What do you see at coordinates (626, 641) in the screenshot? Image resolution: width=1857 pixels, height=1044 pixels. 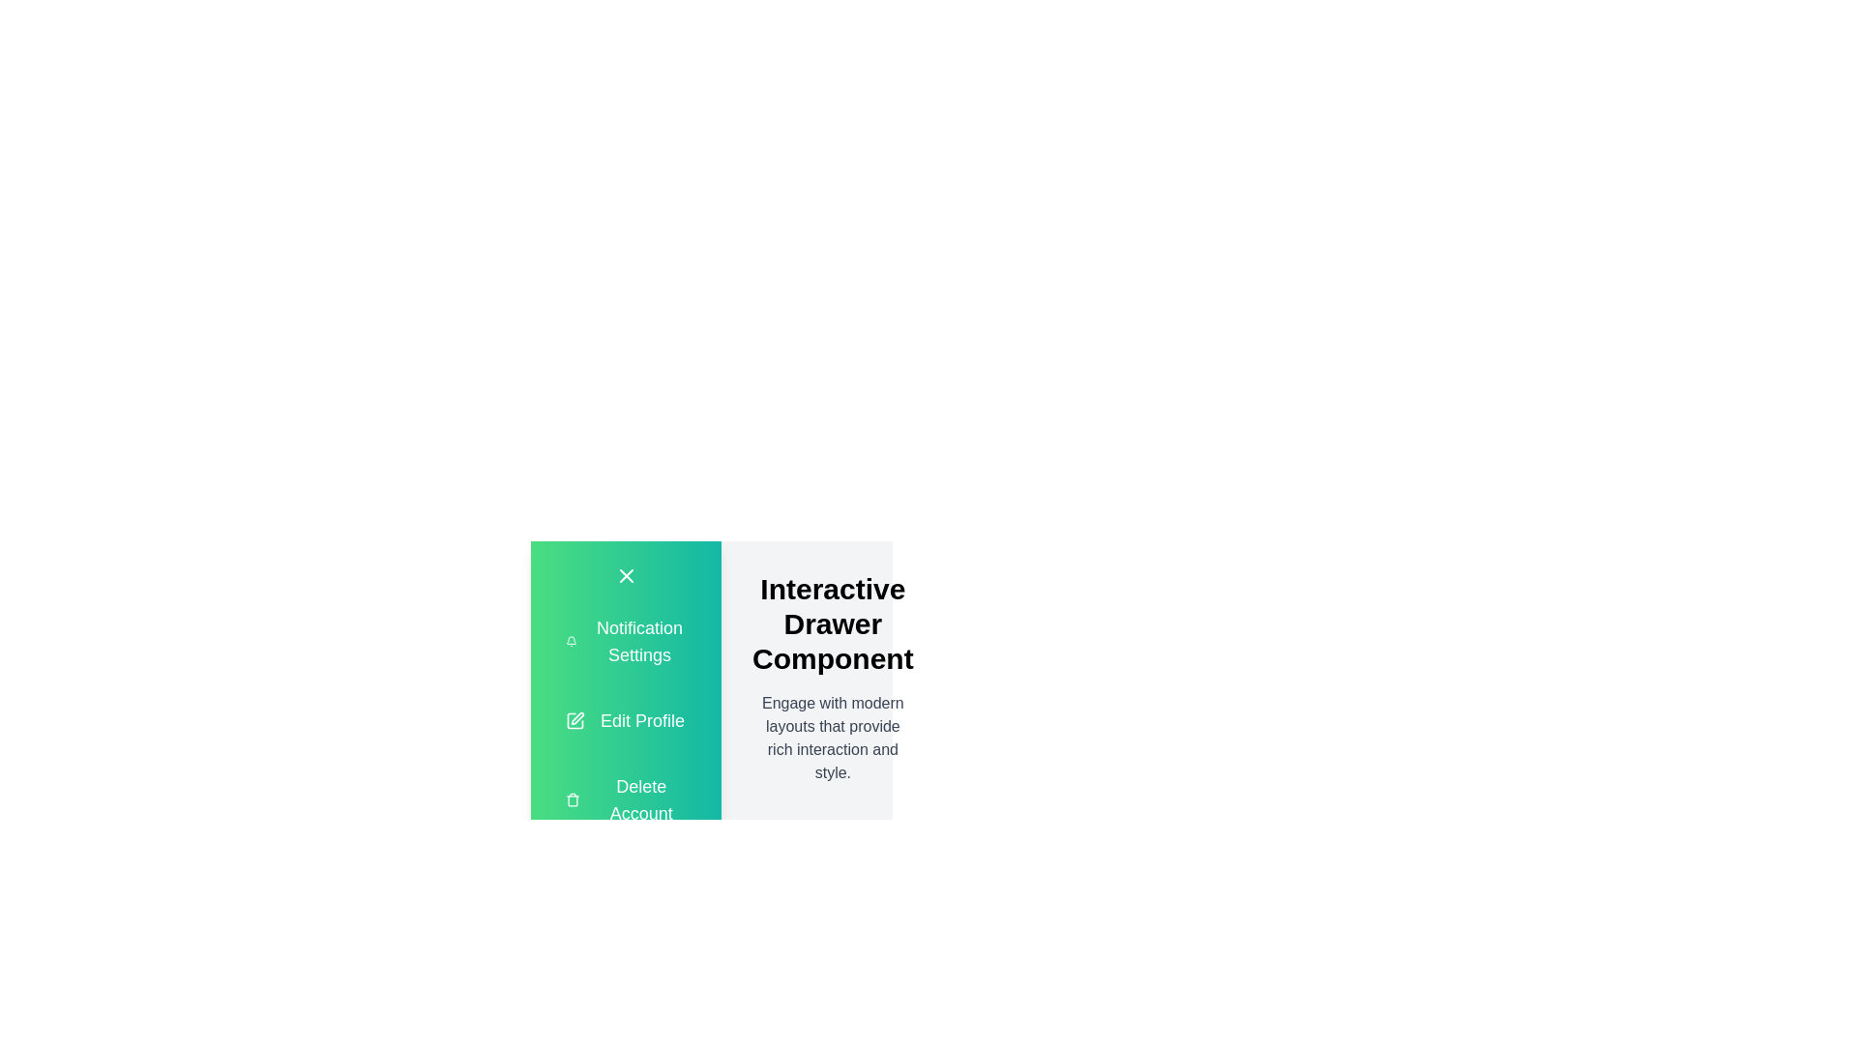 I see `the 'Notification Settings' option in the drawer` at bounding box center [626, 641].